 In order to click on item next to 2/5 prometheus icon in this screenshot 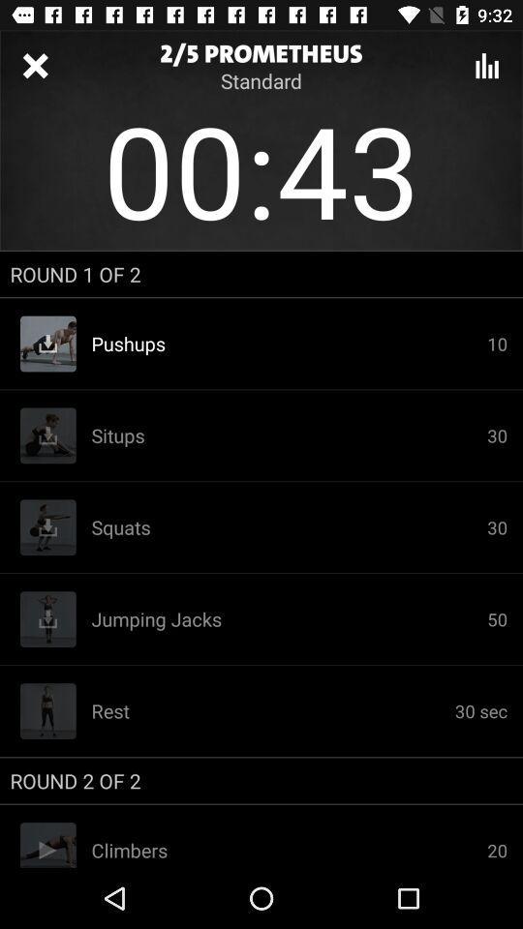, I will do `click(486, 66)`.